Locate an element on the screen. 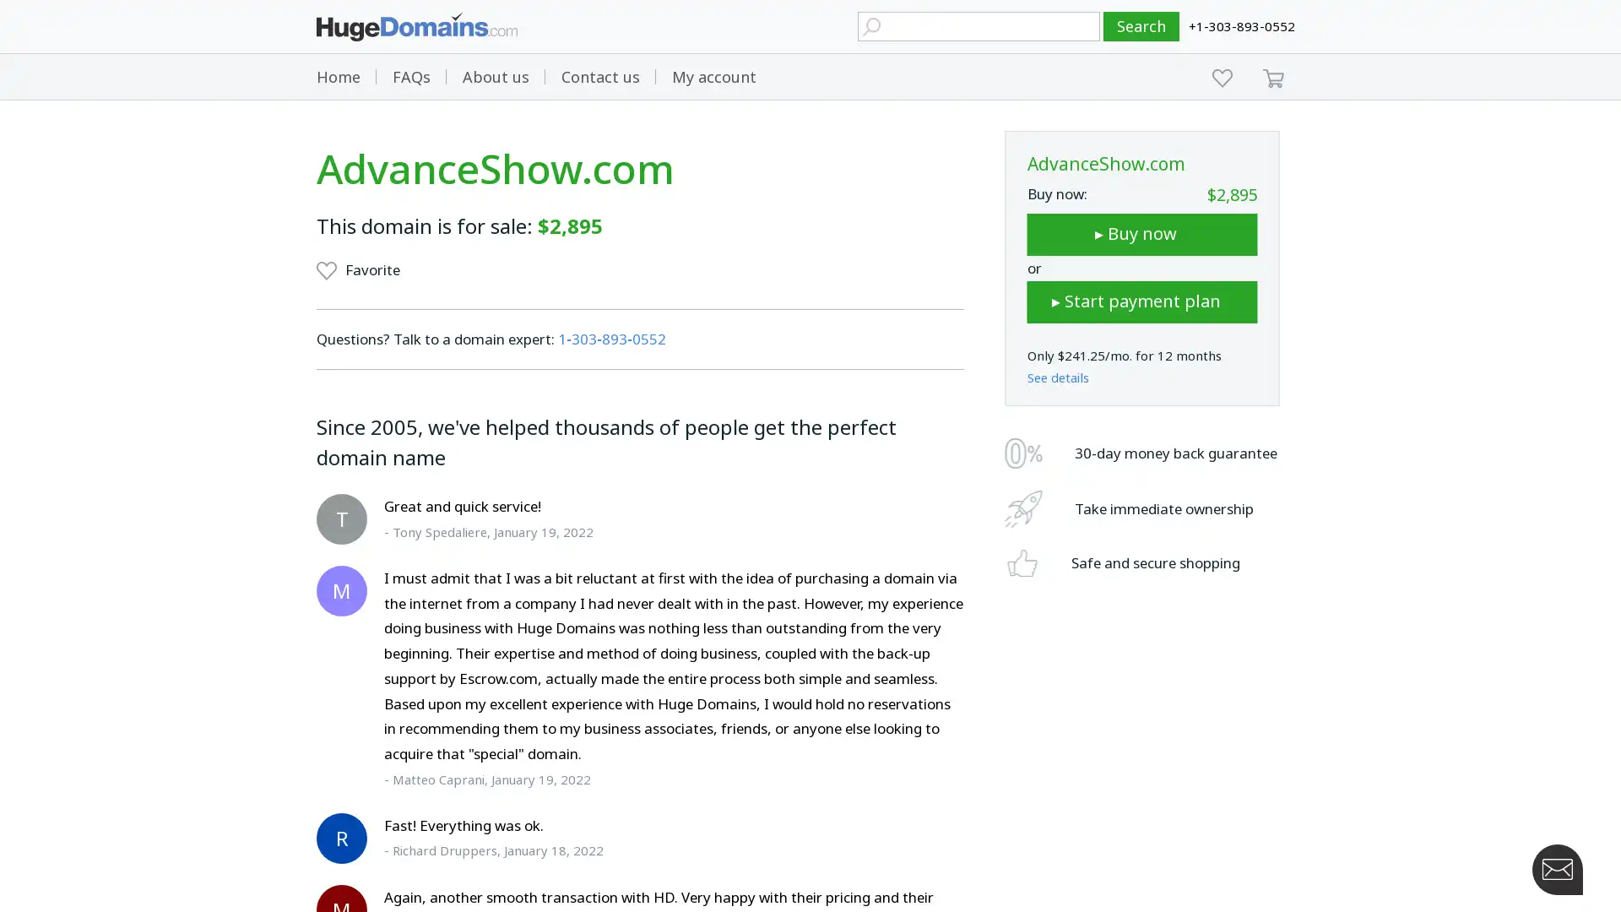 The width and height of the screenshot is (1621, 912). Search is located at coordinates (1141, 26).